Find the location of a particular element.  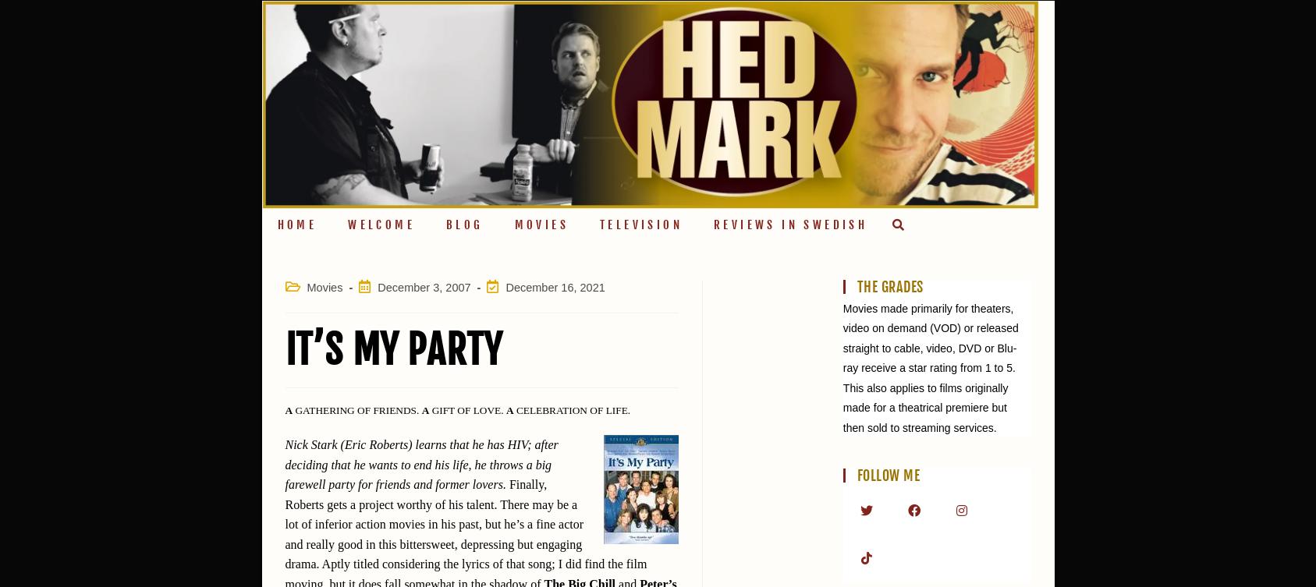

'GATHERING OF FRIENDS.' is located at coordinates (356, 409).